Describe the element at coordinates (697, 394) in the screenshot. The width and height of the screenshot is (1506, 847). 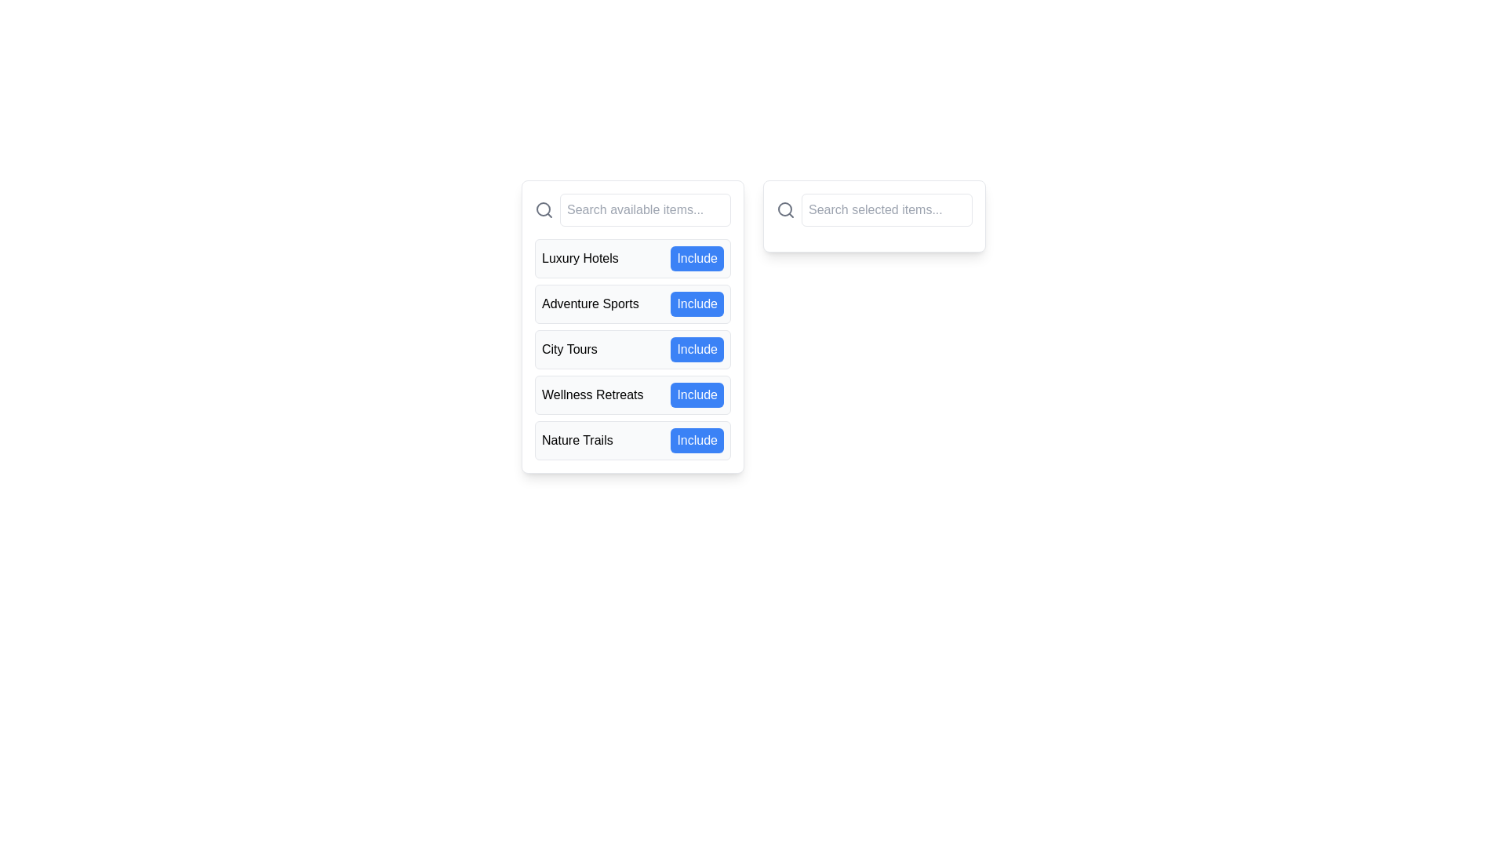
I see `the 'Include' button with a blue background and white text located to the right of the 'Wellness Retreats' title in the fourth item of the list` at that location.